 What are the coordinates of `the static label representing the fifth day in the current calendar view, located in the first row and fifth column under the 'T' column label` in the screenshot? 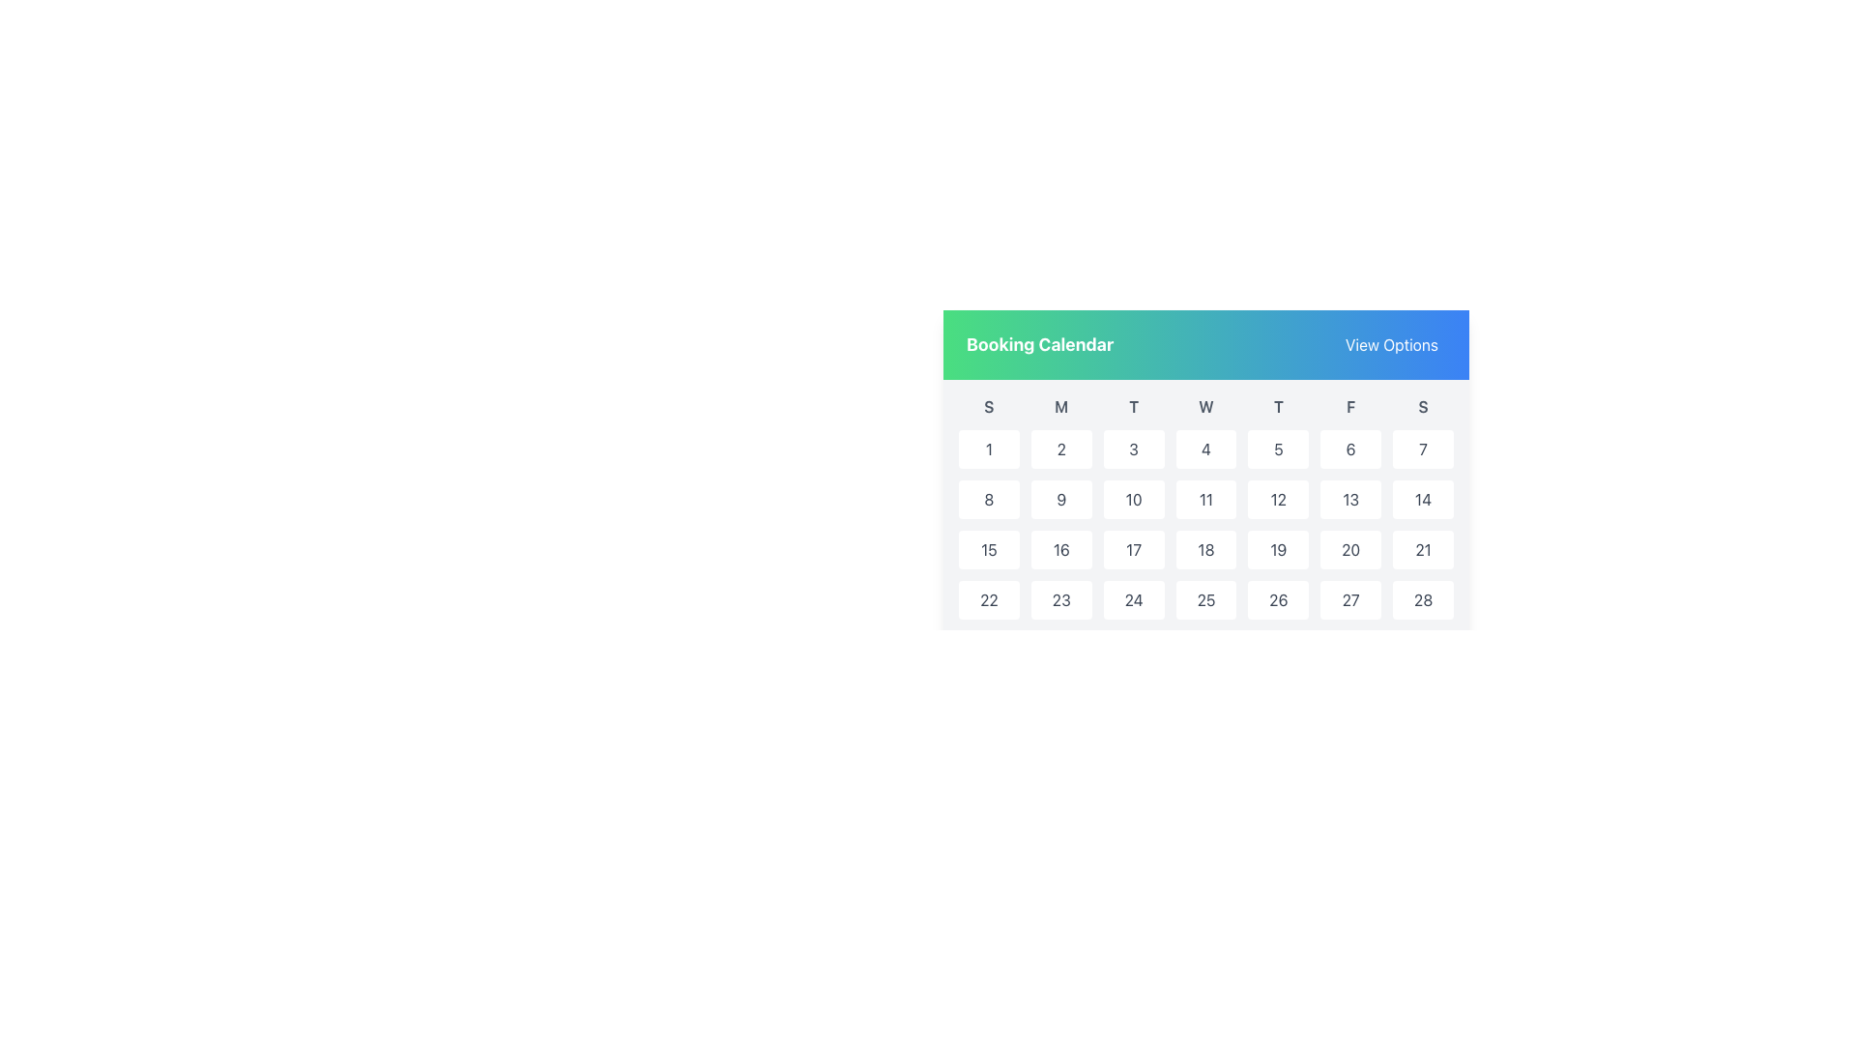 It's located at (1278, 449).